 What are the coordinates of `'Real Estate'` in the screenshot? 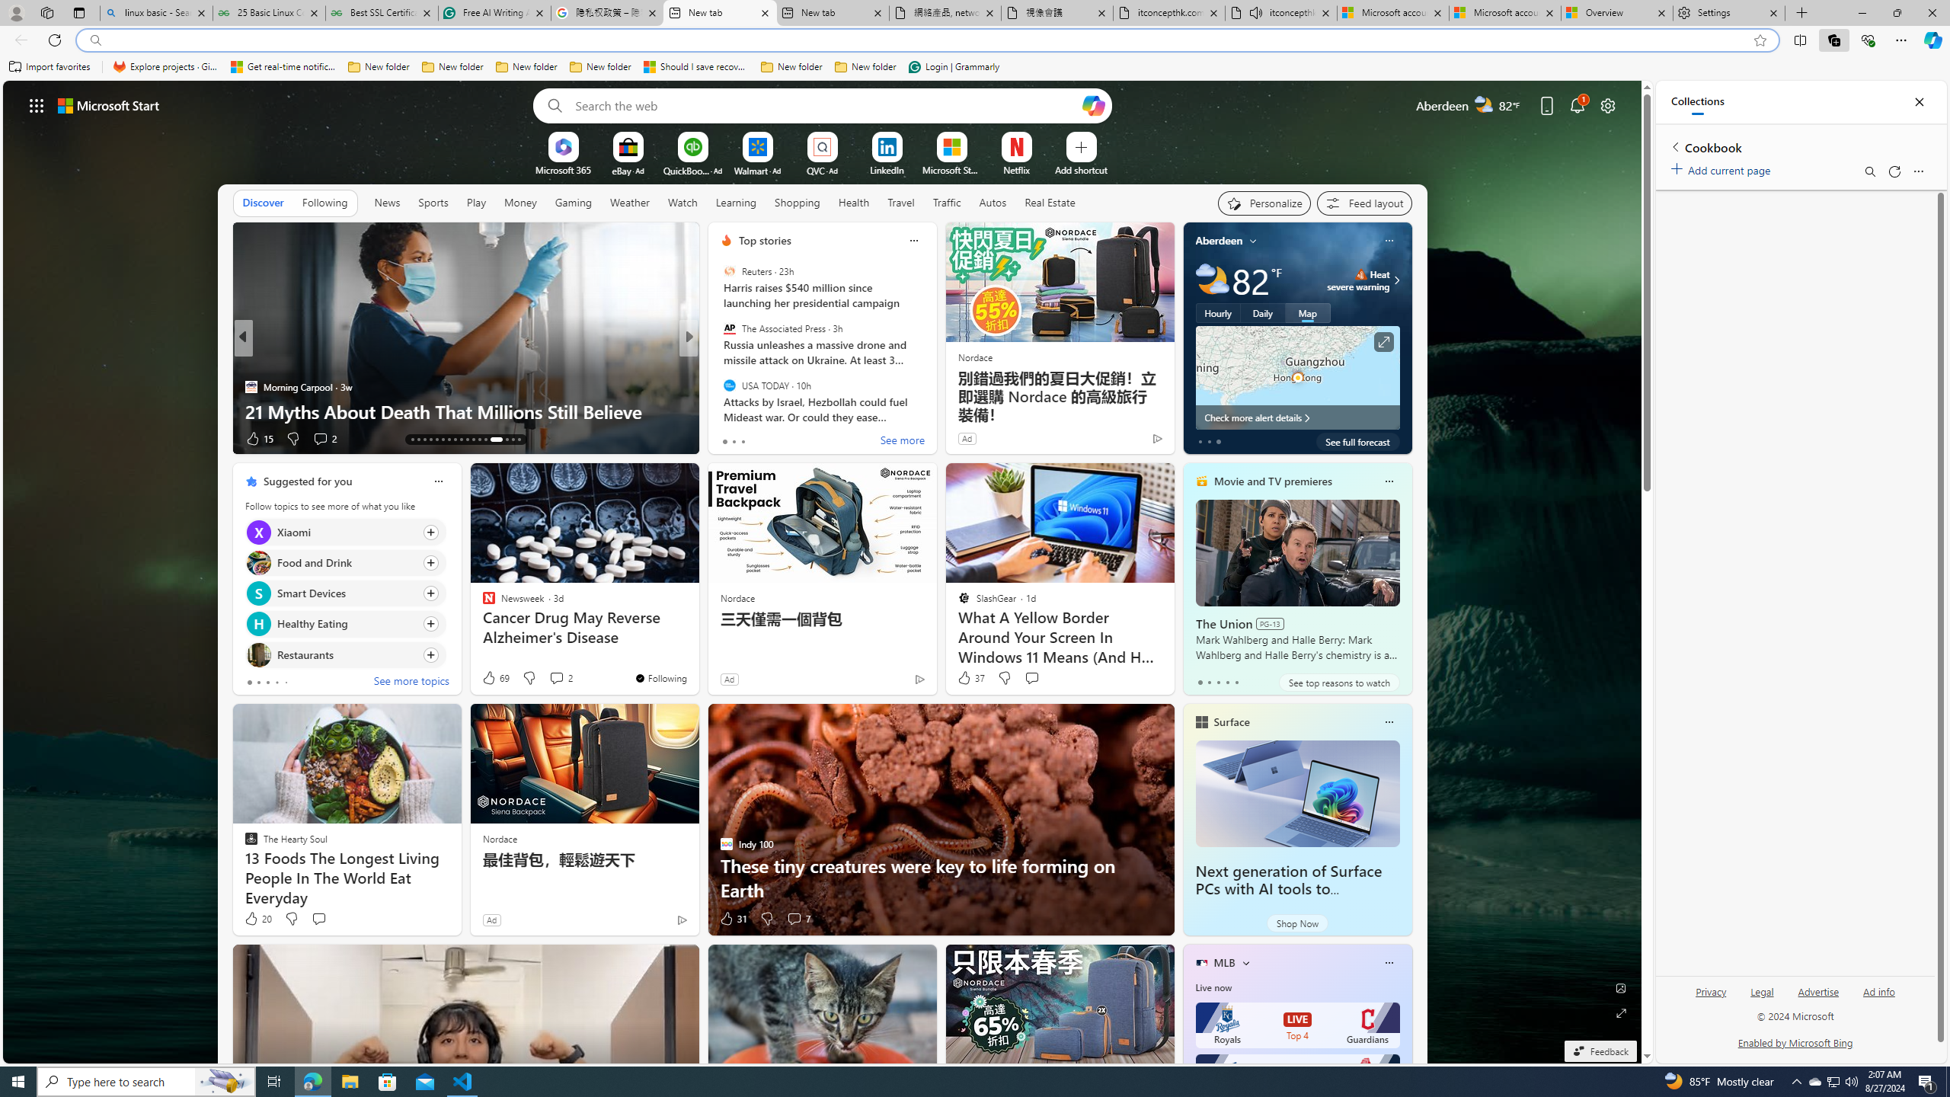 It's located at (1049, 201).